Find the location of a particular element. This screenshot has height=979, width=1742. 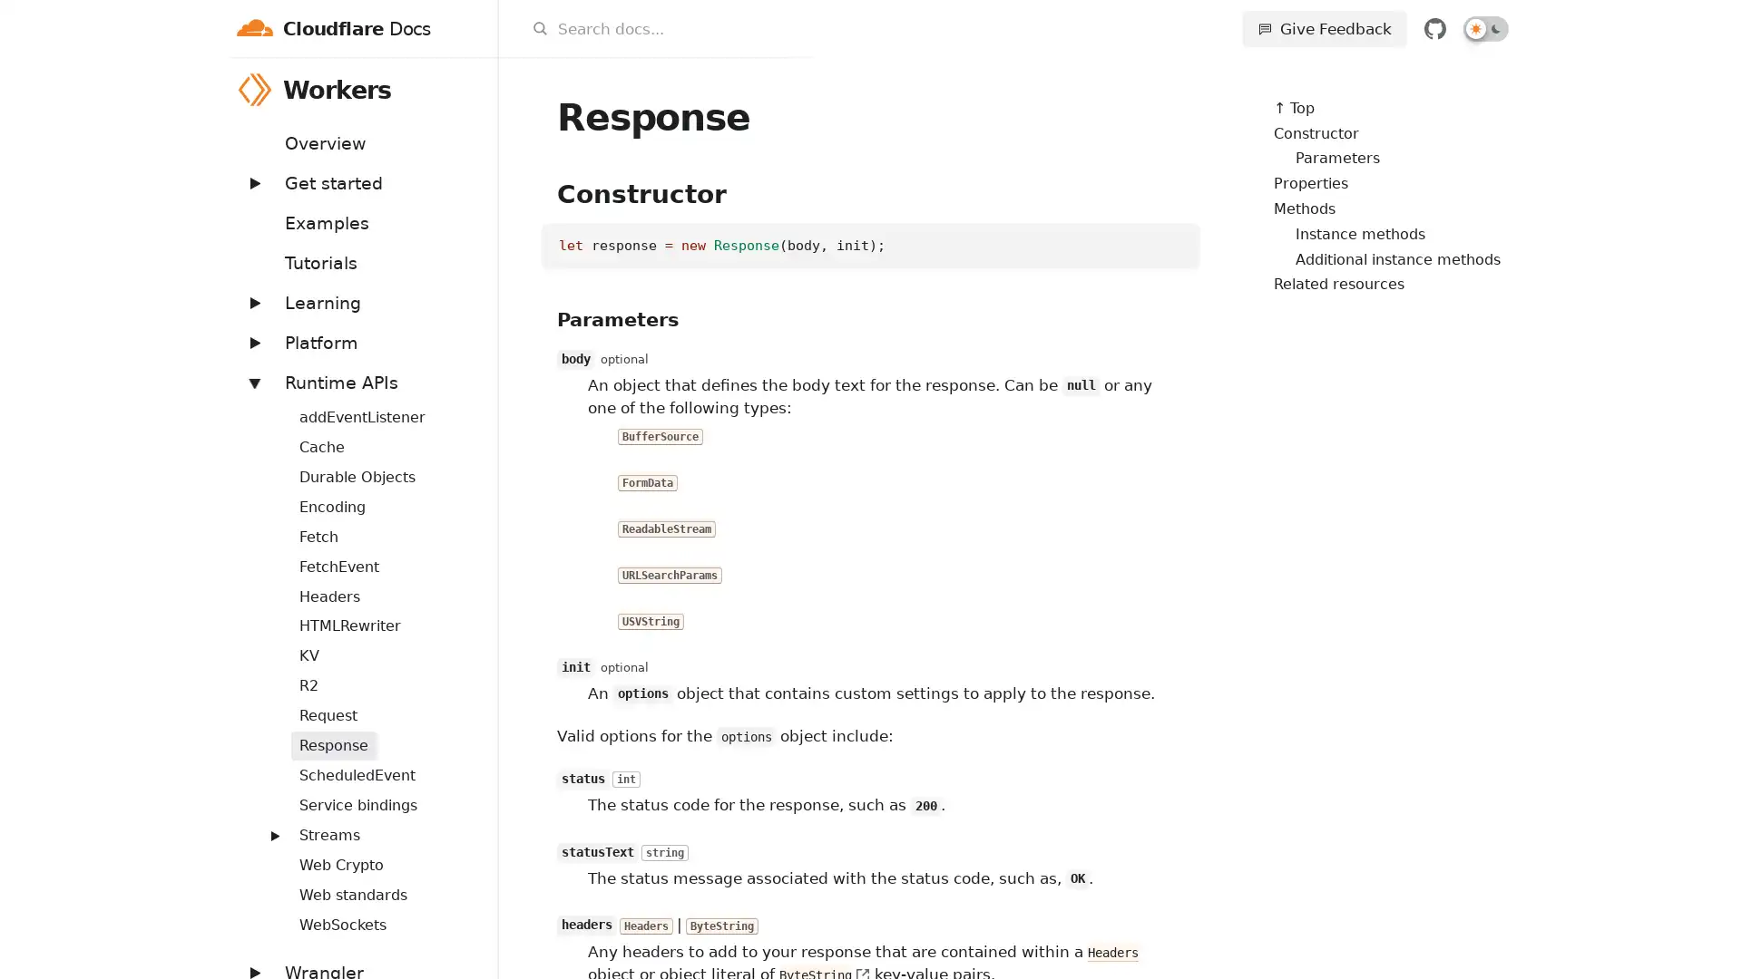

Give Feedback is located at coordinates (1324, 28).